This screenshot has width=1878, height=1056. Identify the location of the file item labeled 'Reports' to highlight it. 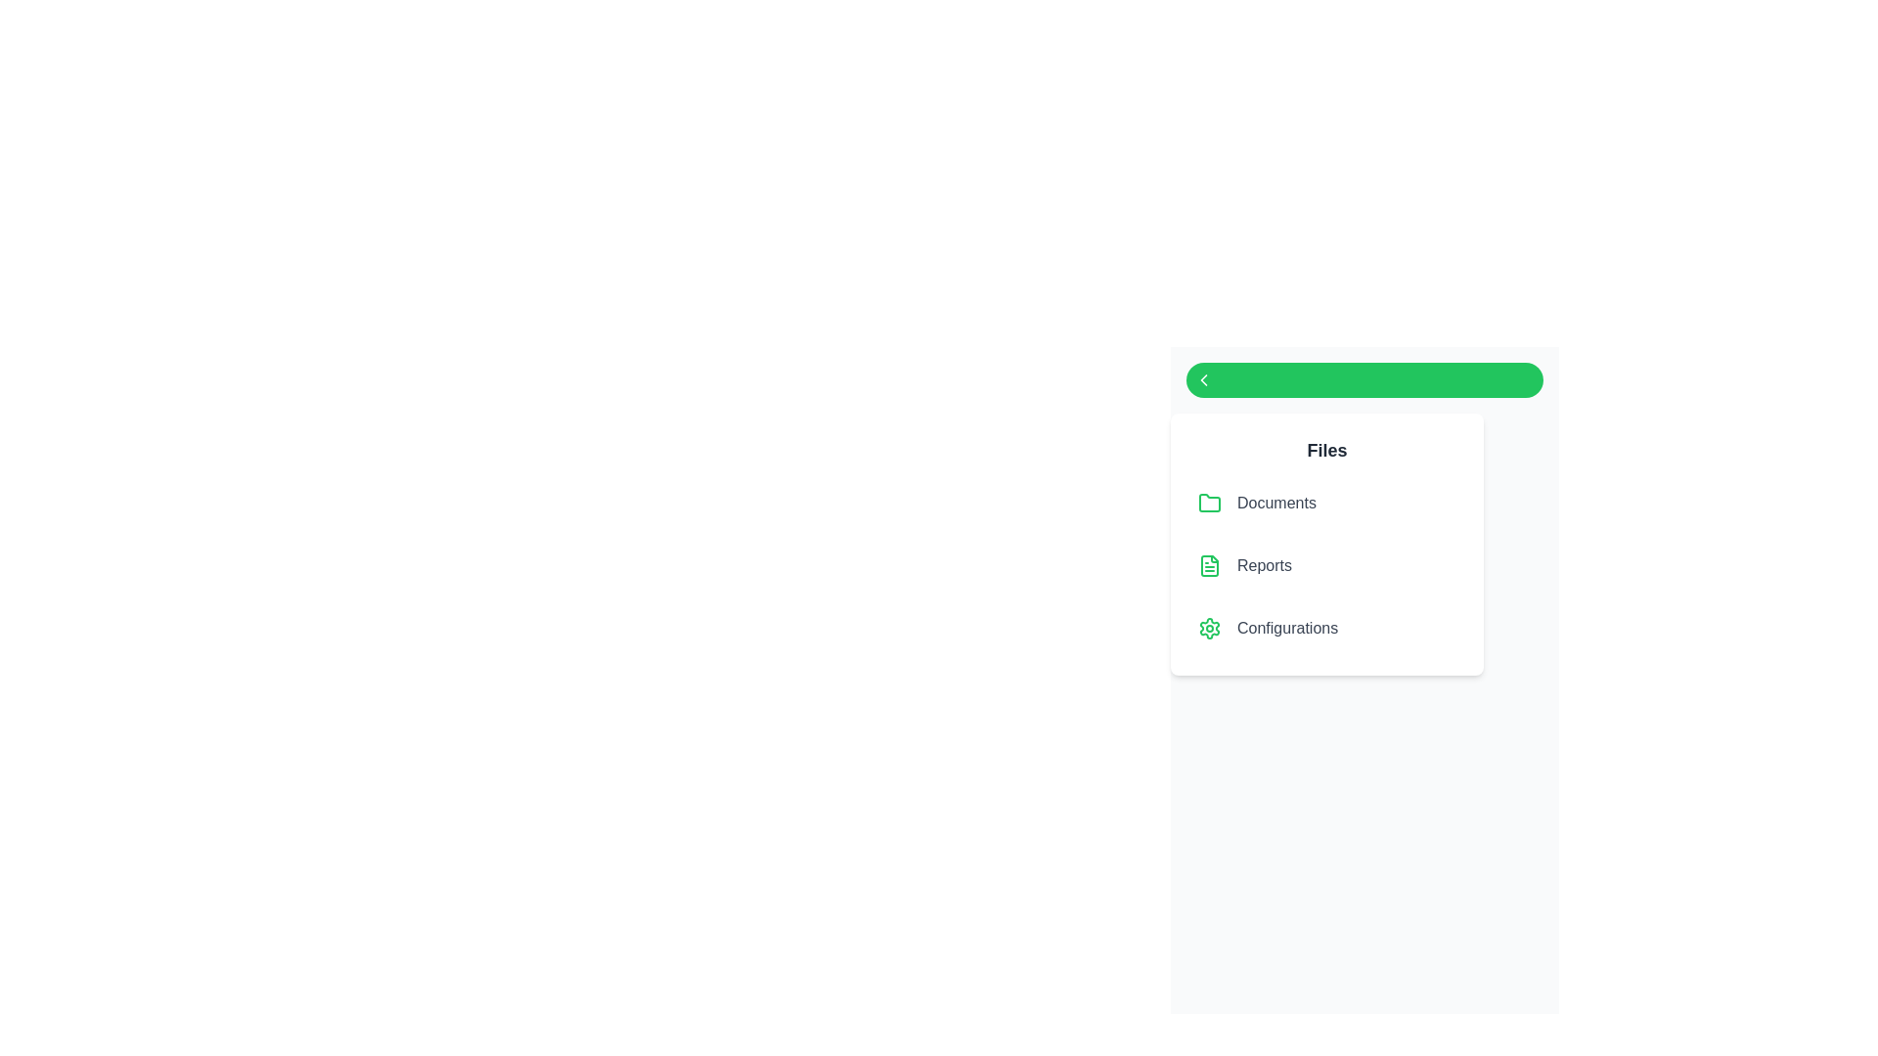
(1327, 565).